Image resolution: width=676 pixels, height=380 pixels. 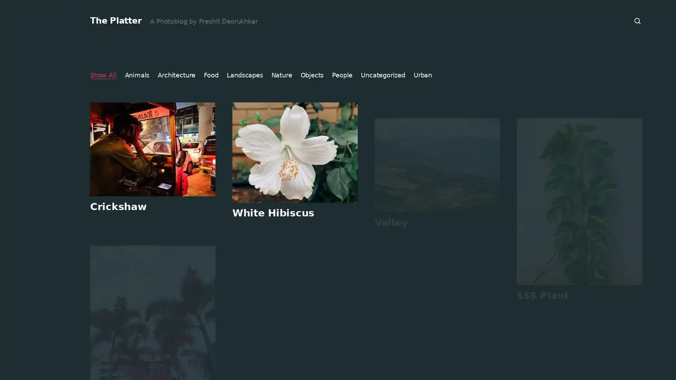 What do you see at coordinates (638, 21) in the screenshot?
I see `Search` at bounding box center [638, 21].